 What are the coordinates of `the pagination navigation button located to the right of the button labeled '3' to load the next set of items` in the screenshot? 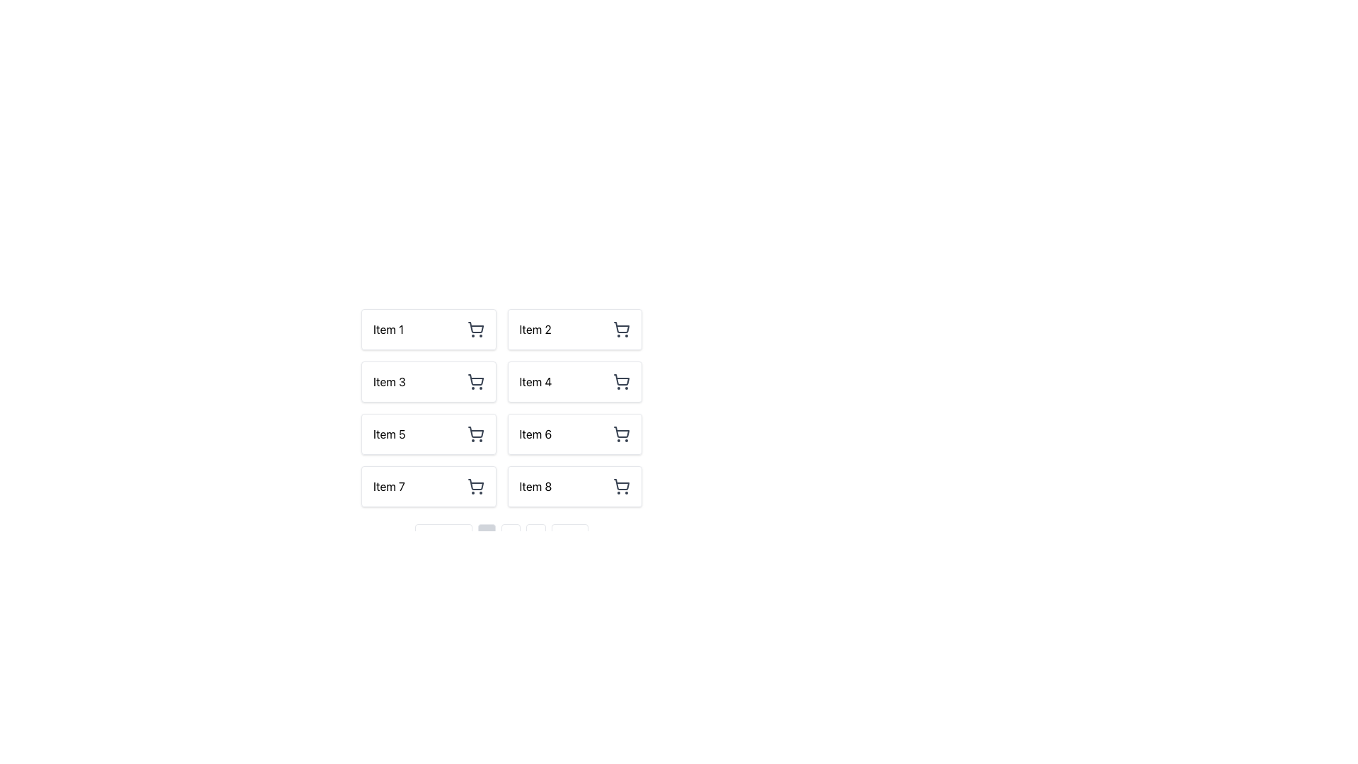 It's located at (569, 539).